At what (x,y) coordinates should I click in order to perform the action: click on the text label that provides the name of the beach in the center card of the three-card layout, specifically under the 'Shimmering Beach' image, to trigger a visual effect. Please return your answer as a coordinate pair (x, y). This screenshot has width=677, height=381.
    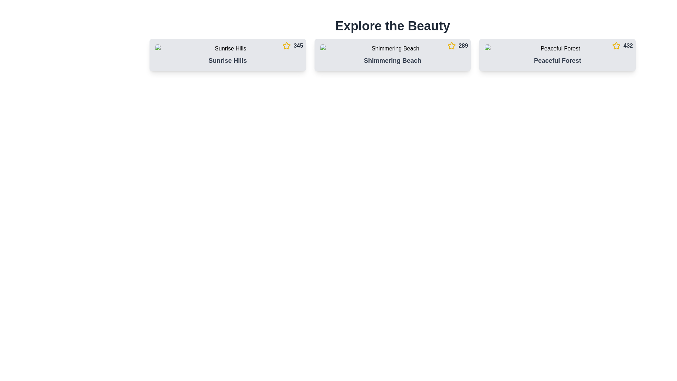
    Looking at the image, I should click on (392, 60).